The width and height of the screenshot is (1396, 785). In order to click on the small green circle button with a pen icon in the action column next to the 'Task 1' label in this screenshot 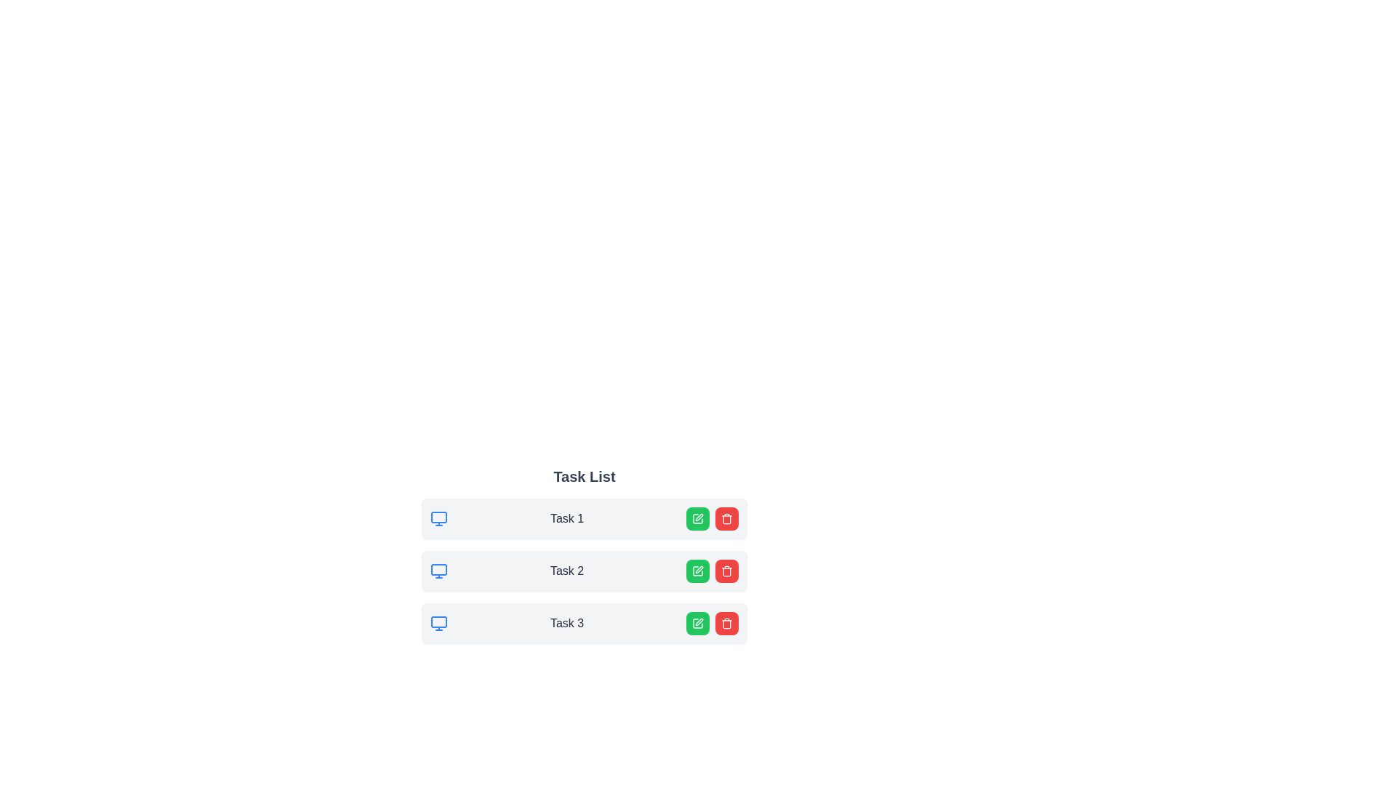, I will do `click(698, 518)`.